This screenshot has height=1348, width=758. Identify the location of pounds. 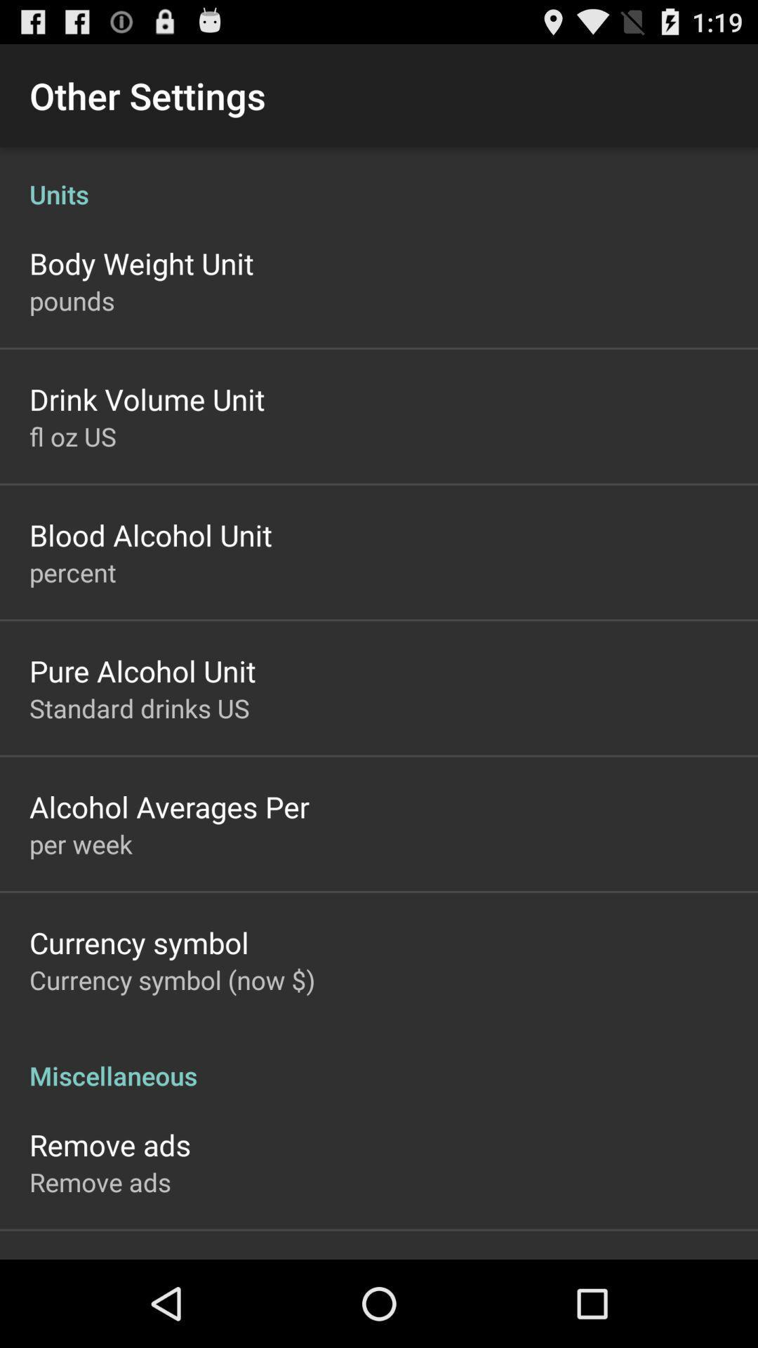
(72, 300).